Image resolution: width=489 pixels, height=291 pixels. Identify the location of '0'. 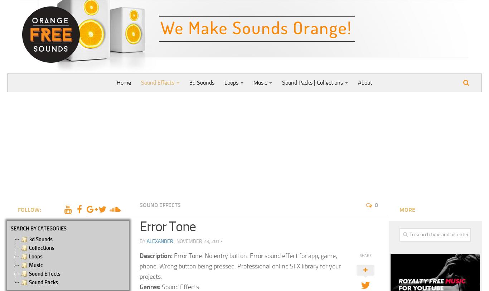
(376, 205).